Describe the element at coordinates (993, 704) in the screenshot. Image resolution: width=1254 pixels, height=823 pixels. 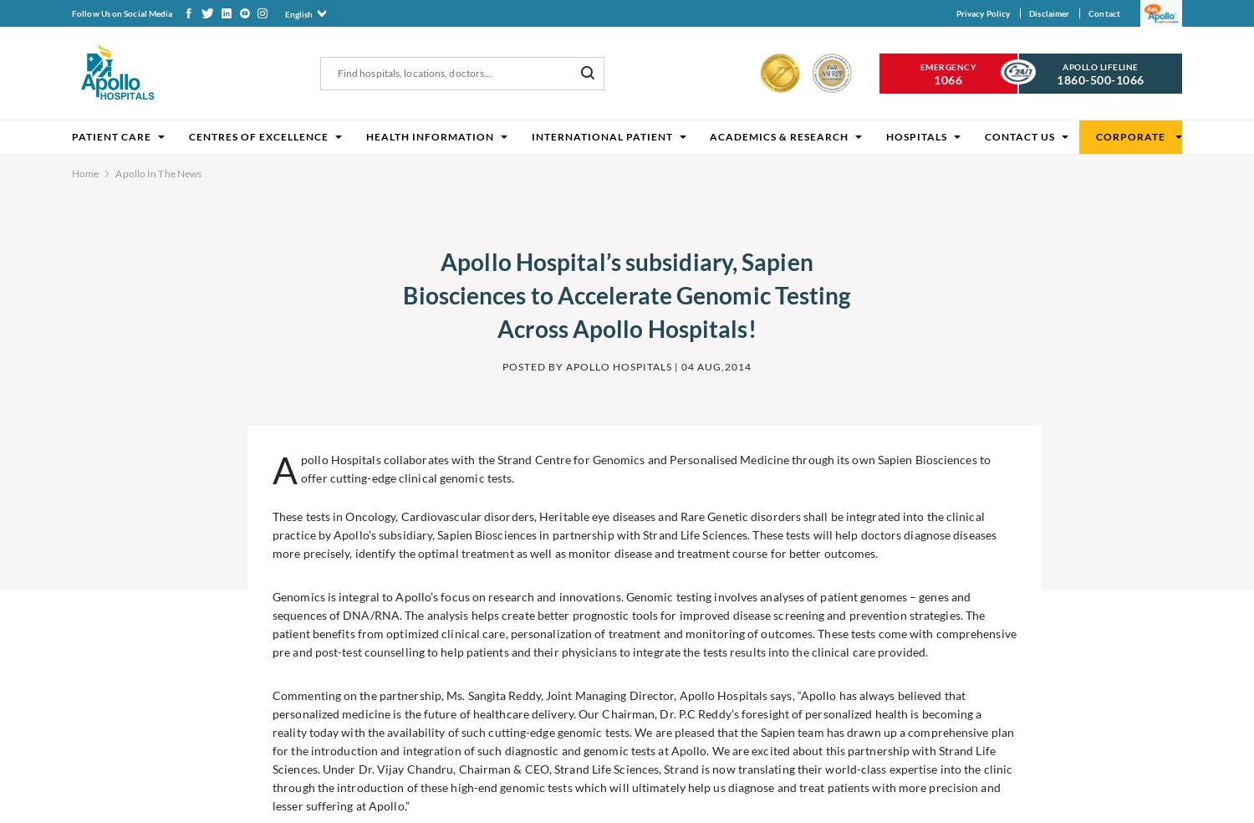
I see `'Apollo Hospitals has launched a Pan-India expansion of their one-of-a-kind connected care program, Apollo Connect. Wi...'` at that location.